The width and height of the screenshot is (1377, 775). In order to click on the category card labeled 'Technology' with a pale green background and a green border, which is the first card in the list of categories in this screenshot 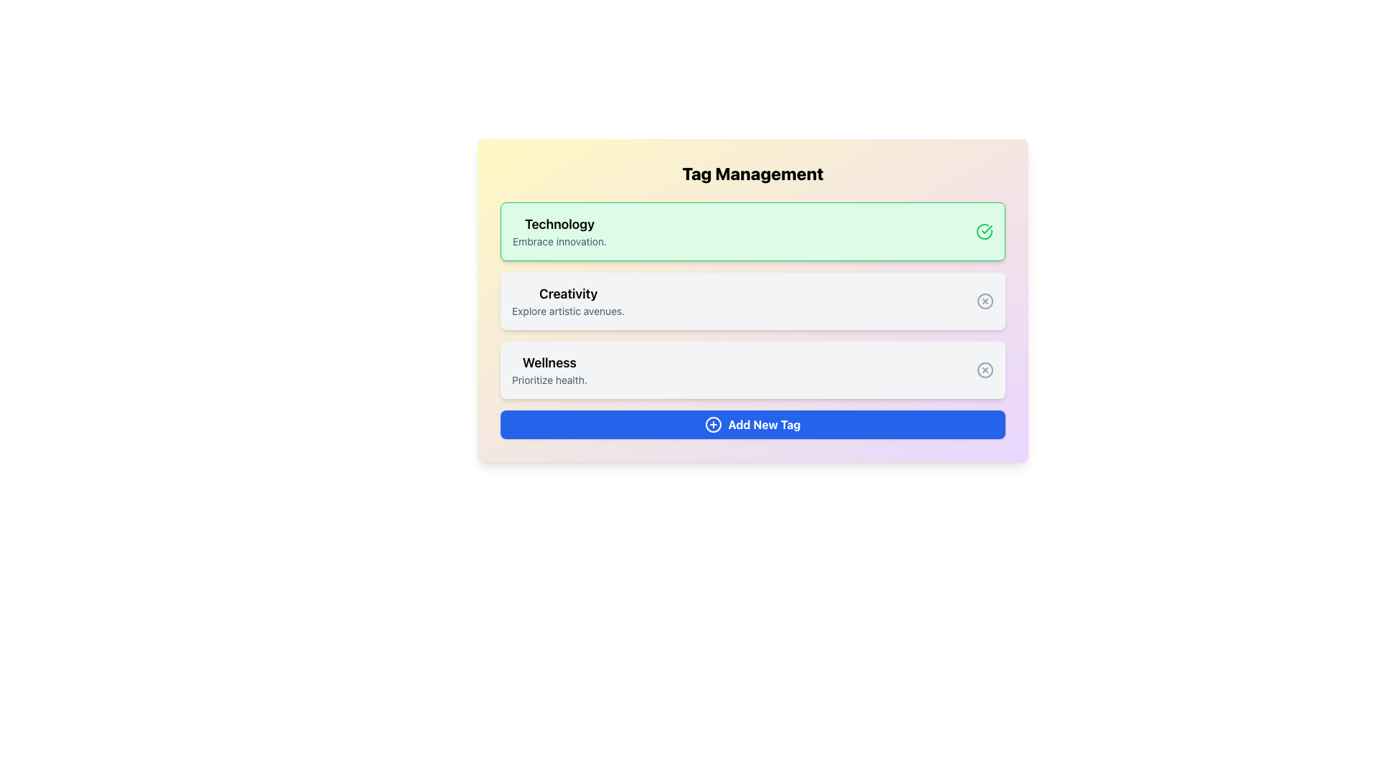, I will do `click(752, 231)`.